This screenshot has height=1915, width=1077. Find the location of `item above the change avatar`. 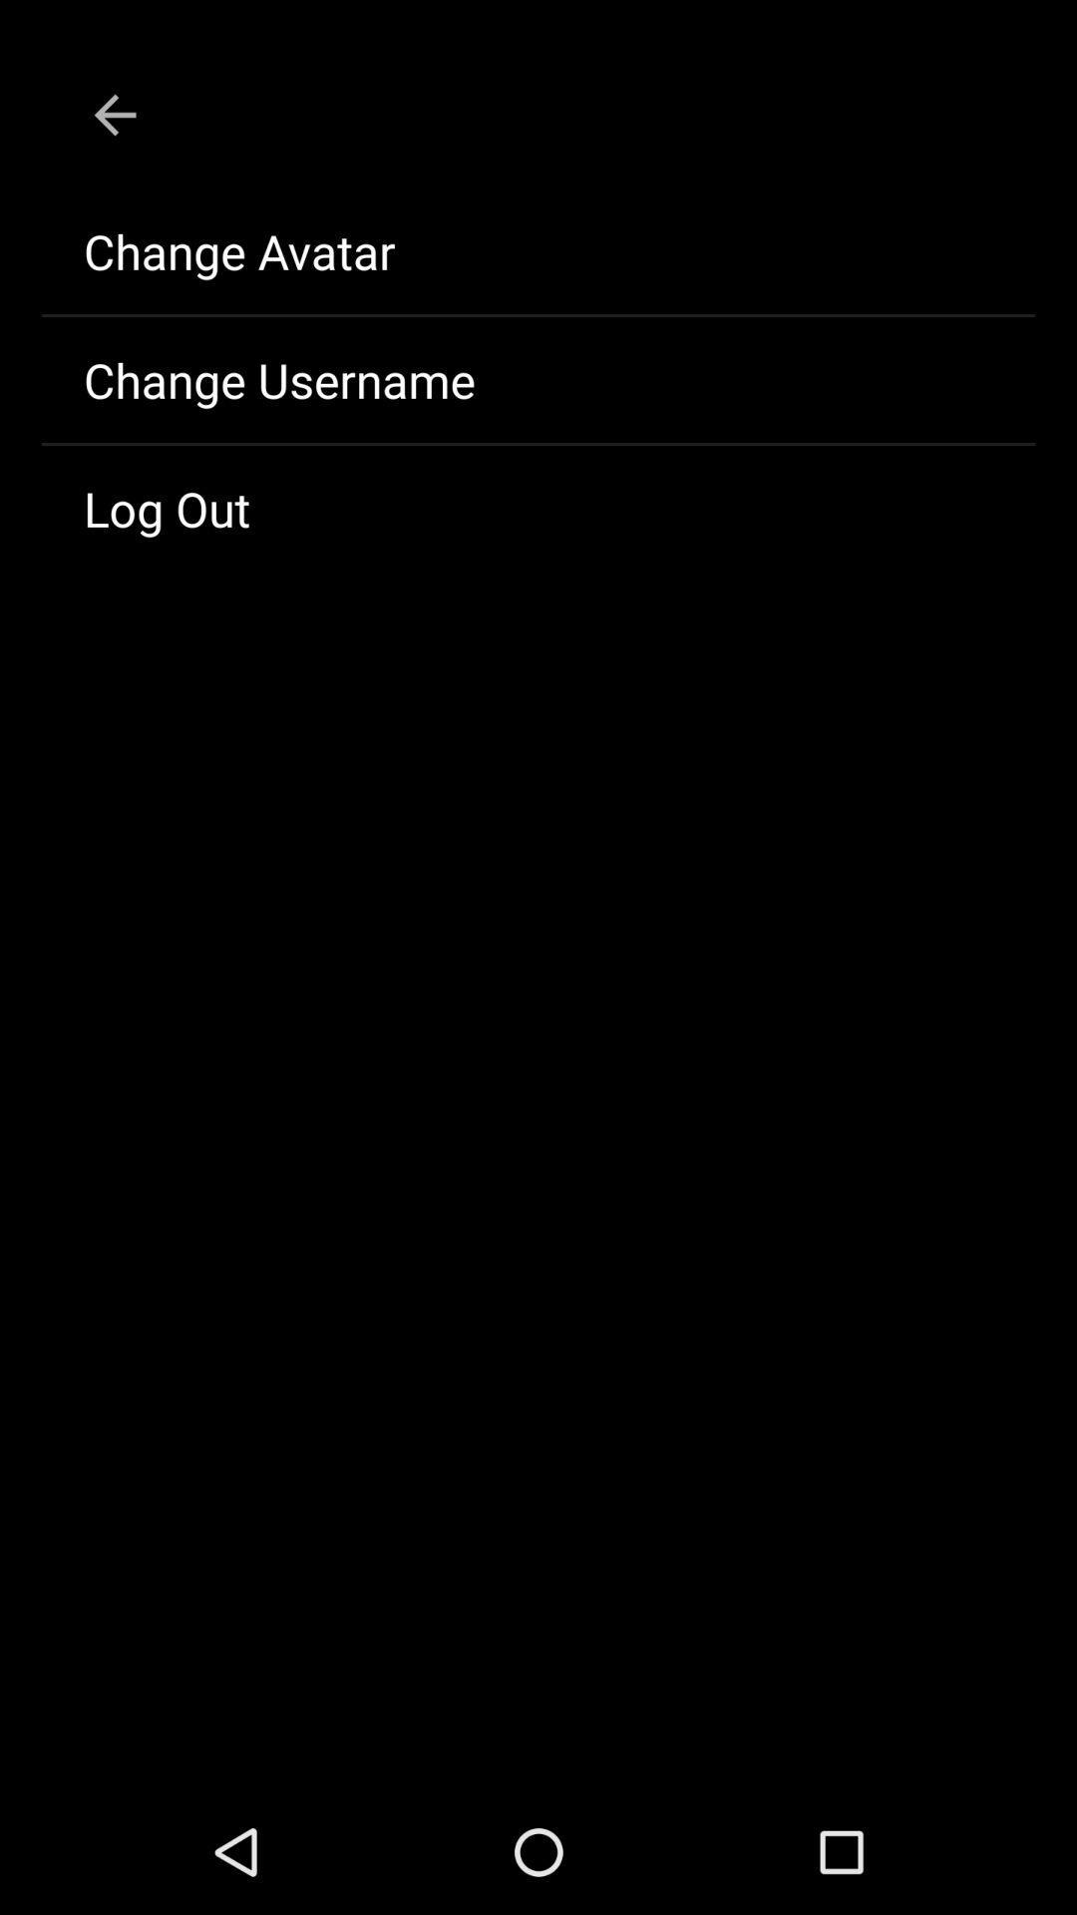

item above the change avatar is located at coordinates (115, 114).